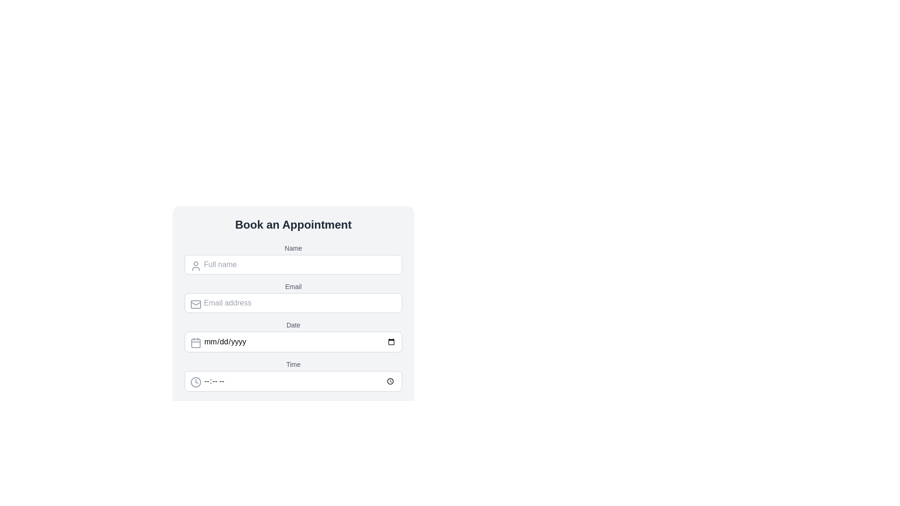 This screenshot has width=900, height=506. I want to click on the time input icon located on the left side of the 'Time' field in the 'Book an Appointment' form, so click(195, 382).